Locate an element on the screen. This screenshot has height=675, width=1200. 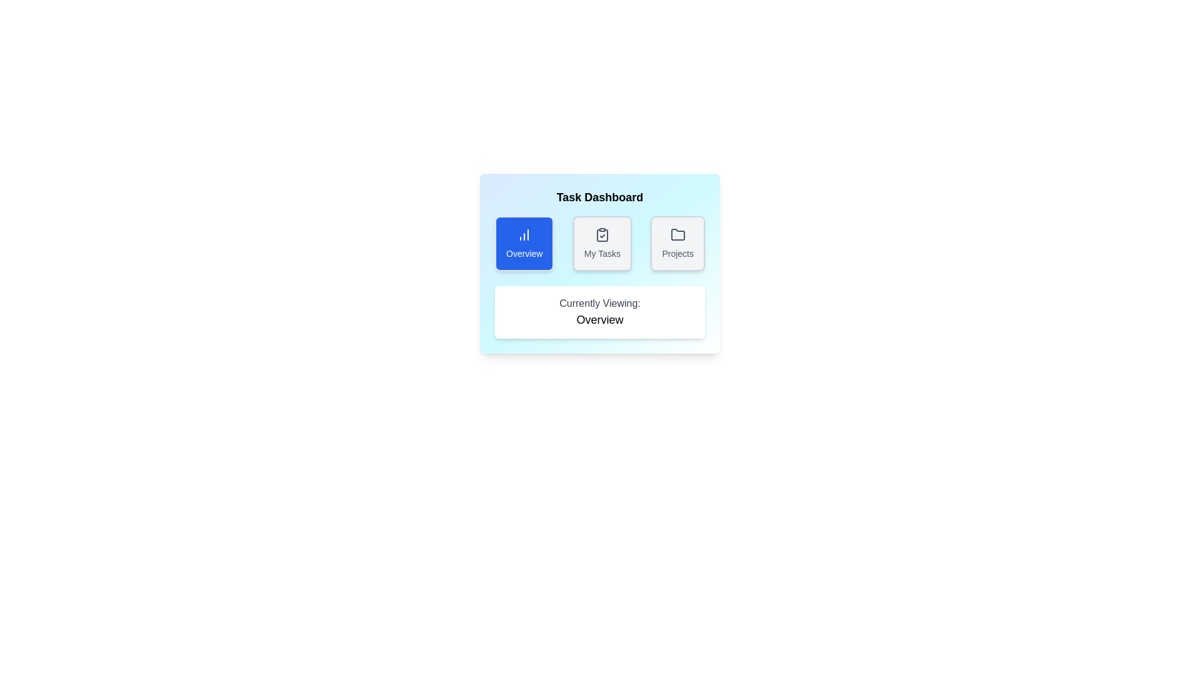
the Overview tab to view its content is located at coordinates (524, 243).